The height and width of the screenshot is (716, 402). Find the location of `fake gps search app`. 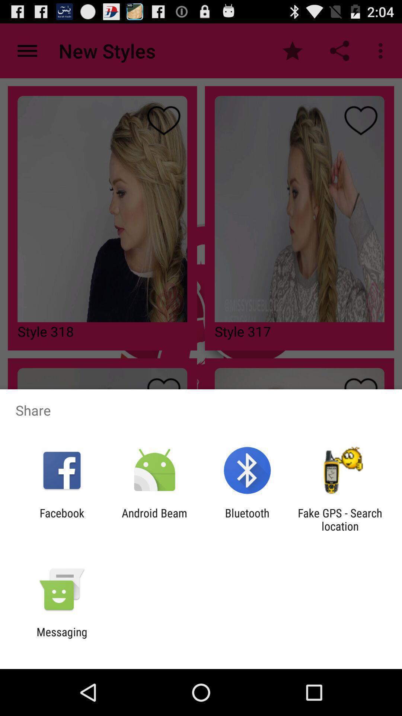

fake gps search app is located at coordinates (340, 519).